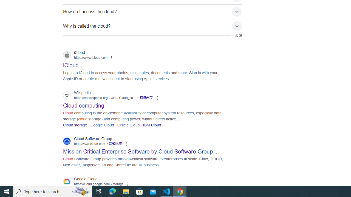 The image size is (351, 197). Describe the element at coordinates (128, 125) in the screenshot. I see `'Oracle Cloud'` at that location.